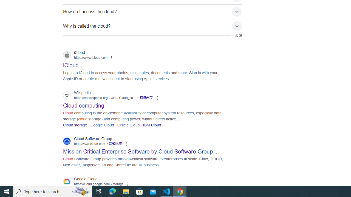 The image size is (351, 197). Describe the element at coordinates (128, 125) in the screenshot. I see `'Oracle Cloud'` at that location.